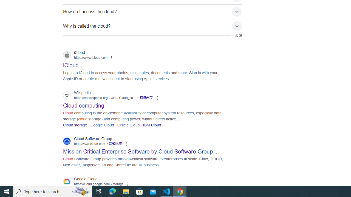 The image size is (351, 197). Describe the element at coordinates (128, 125) in the screenshot. I see `'Oracle Cloud'` at that location.